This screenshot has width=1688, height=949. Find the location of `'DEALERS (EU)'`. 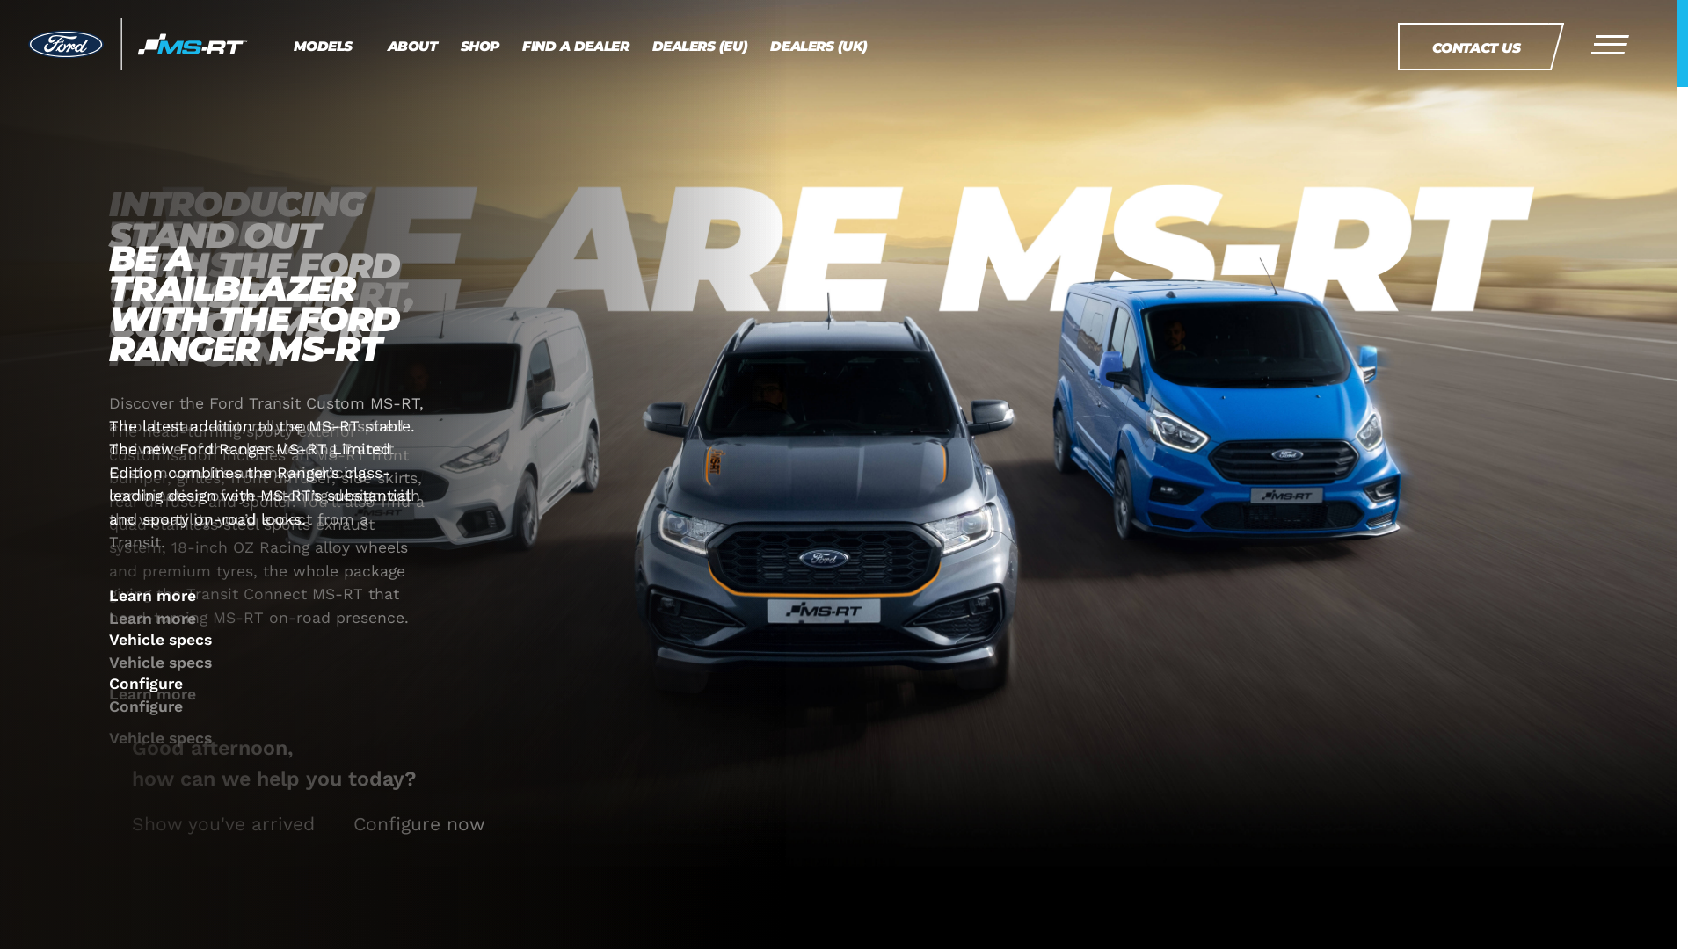

'DEALERS (EU)' is located at coordinates (695, 46).